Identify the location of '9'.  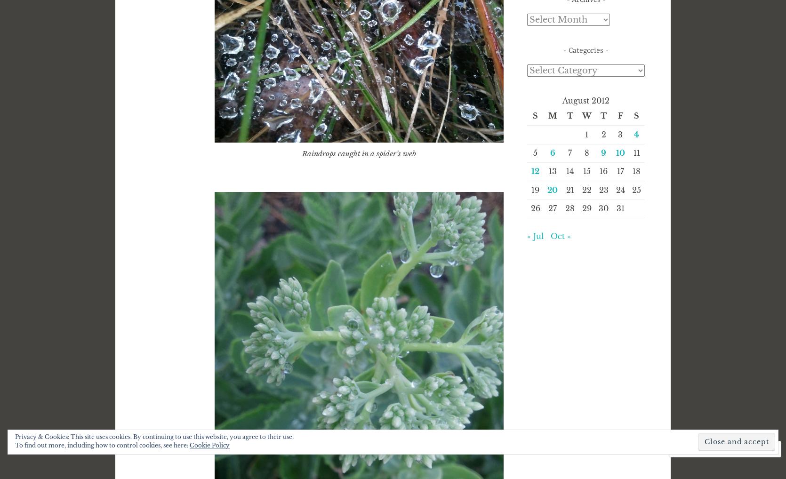
(601, 152).